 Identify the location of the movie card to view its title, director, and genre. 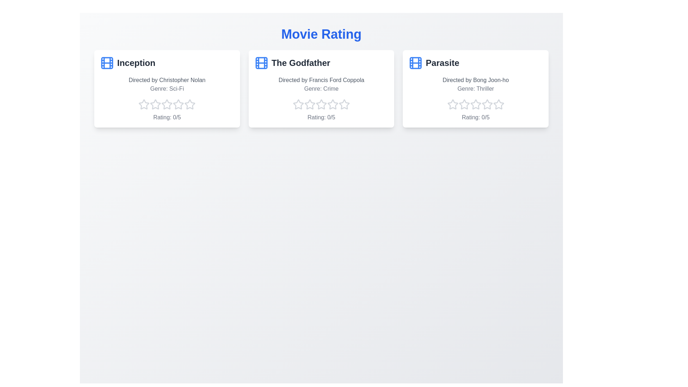
(166, 88).